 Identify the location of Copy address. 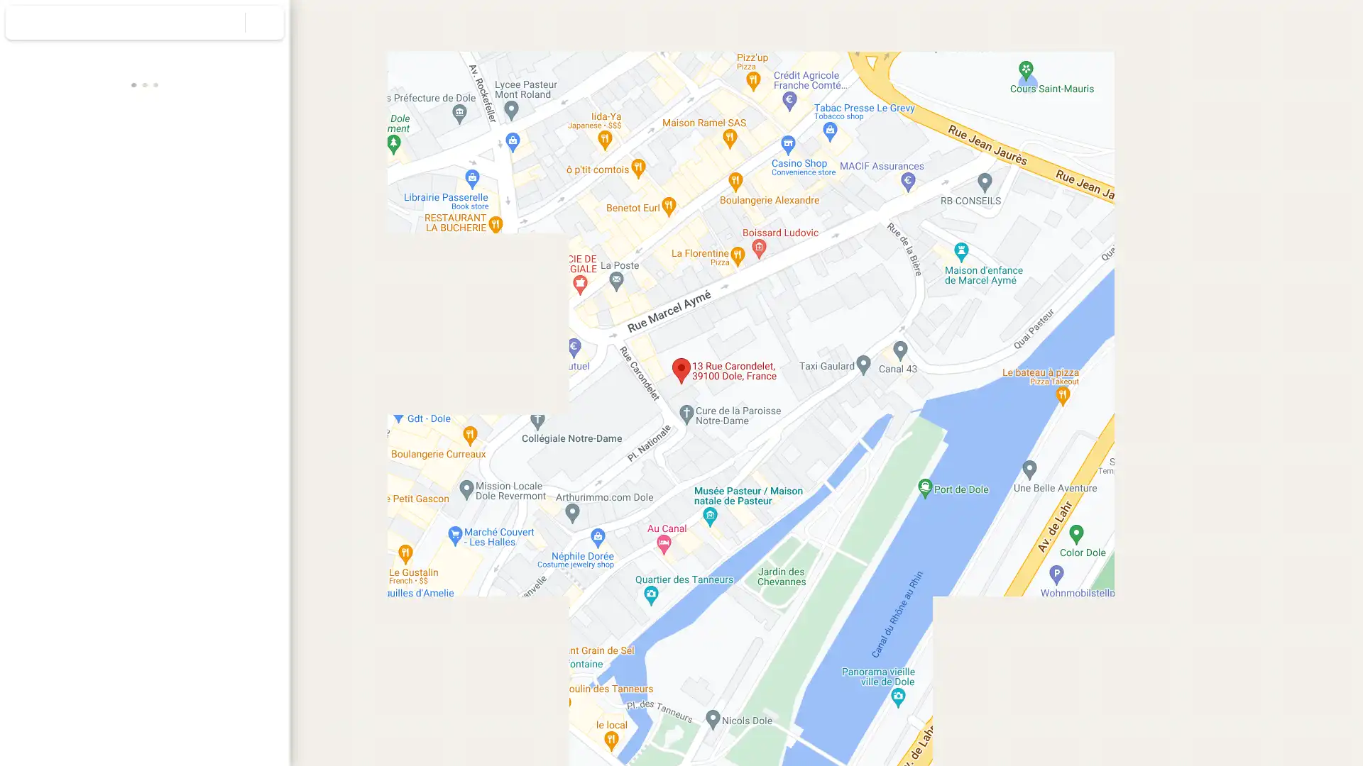
(263, 325).